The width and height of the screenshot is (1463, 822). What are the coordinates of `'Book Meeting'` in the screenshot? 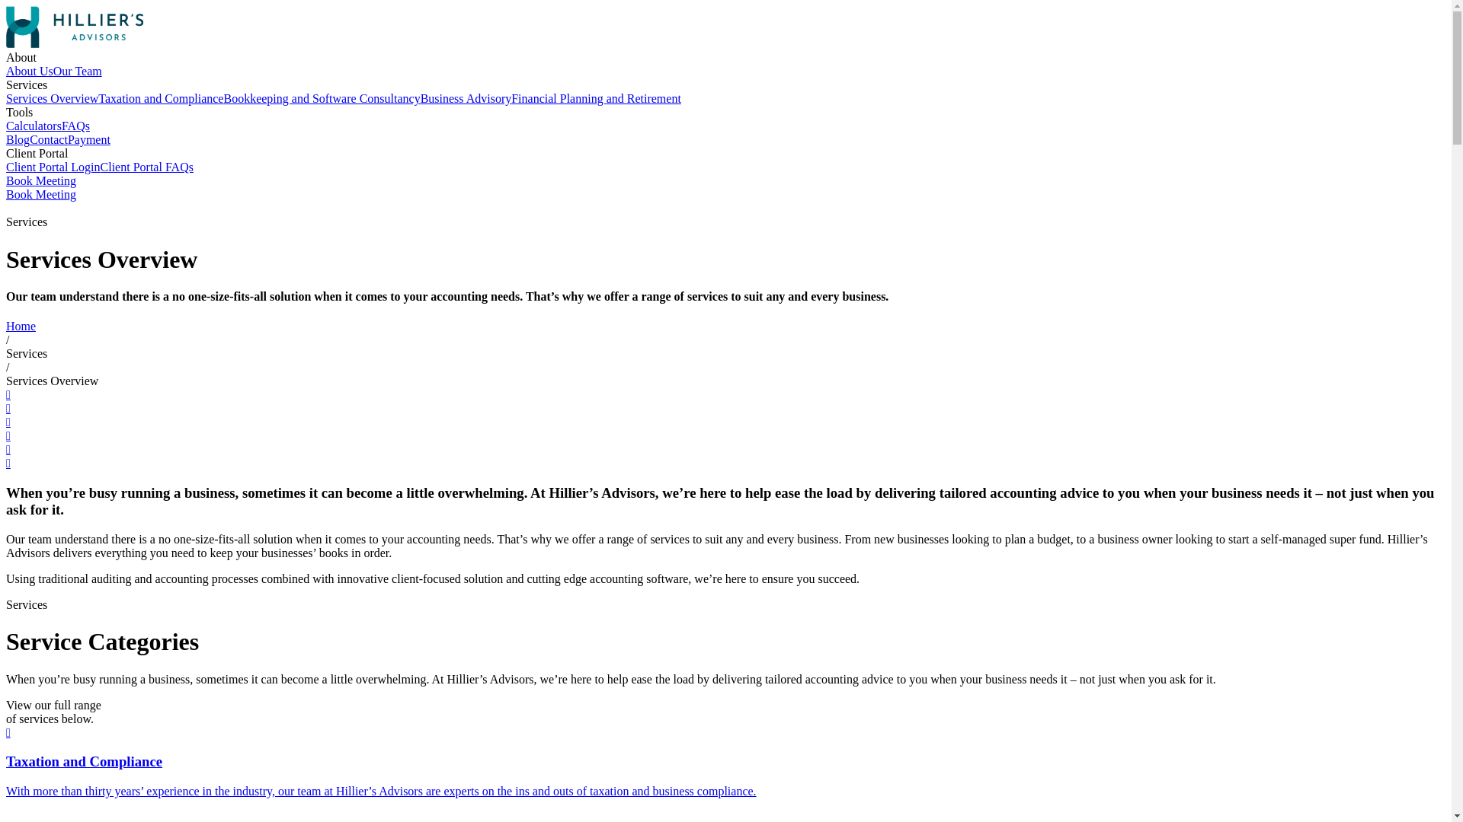 It's located at (40, 193).